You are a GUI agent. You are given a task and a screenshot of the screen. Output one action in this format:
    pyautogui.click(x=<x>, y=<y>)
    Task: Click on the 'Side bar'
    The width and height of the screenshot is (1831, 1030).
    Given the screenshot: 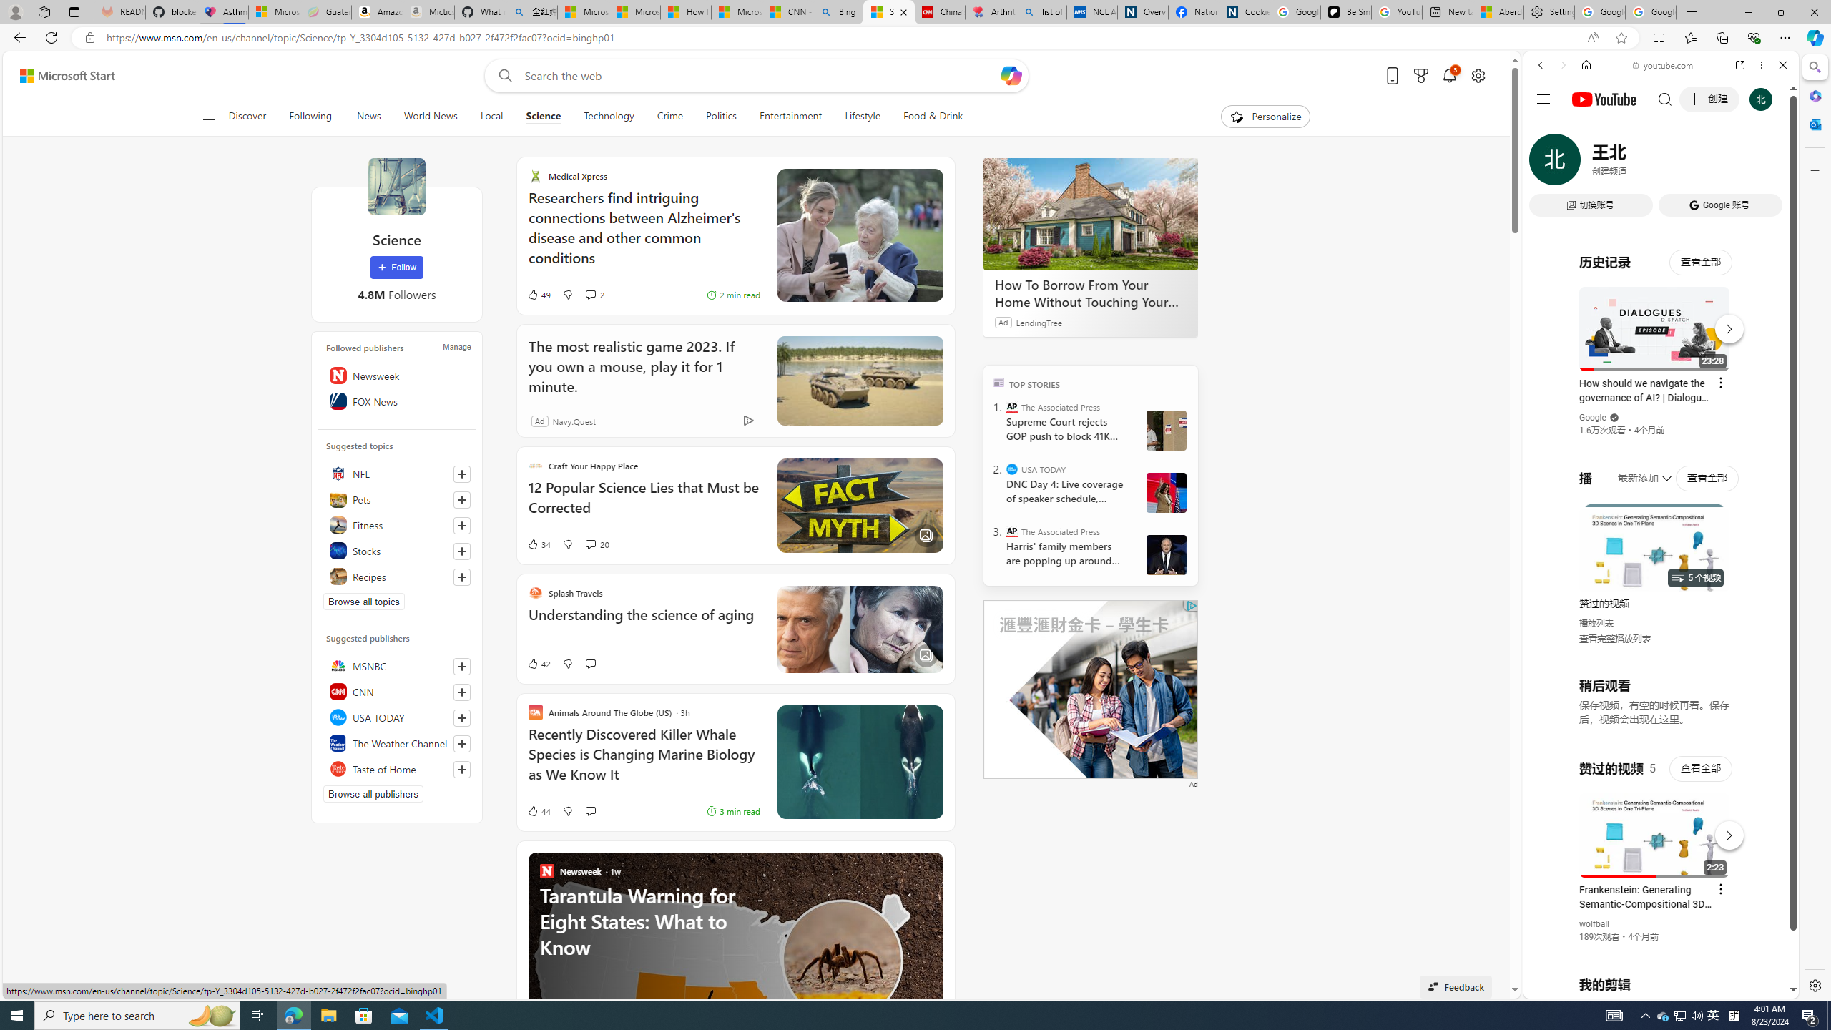 What is the action you would take?
    pyautogui.click(x=1815, y=526)
    